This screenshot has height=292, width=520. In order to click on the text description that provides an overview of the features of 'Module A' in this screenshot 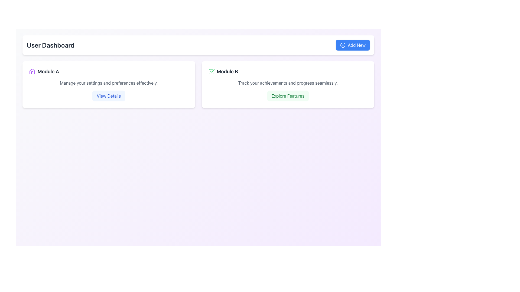, I will do `click(108, 83)`.